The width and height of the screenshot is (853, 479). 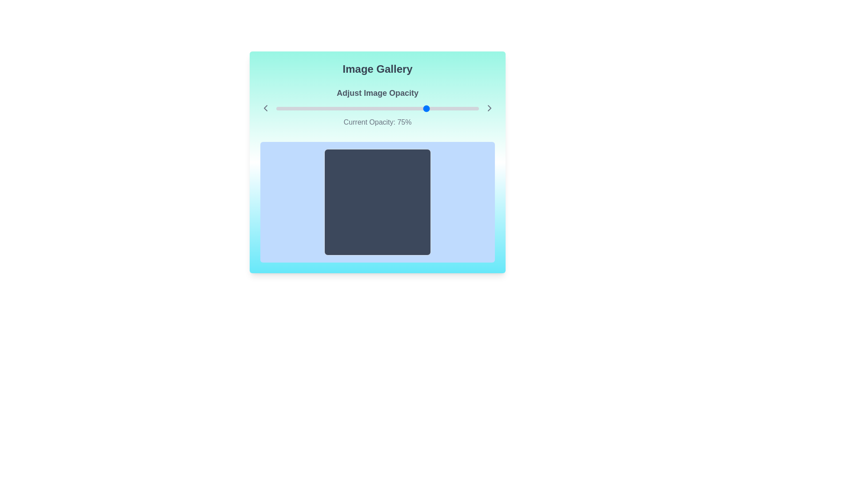 What do you see at coordinates (462, 108) in the screenshot?
I see `the image opacity slider to 92%` at bounding box center [462, 108].